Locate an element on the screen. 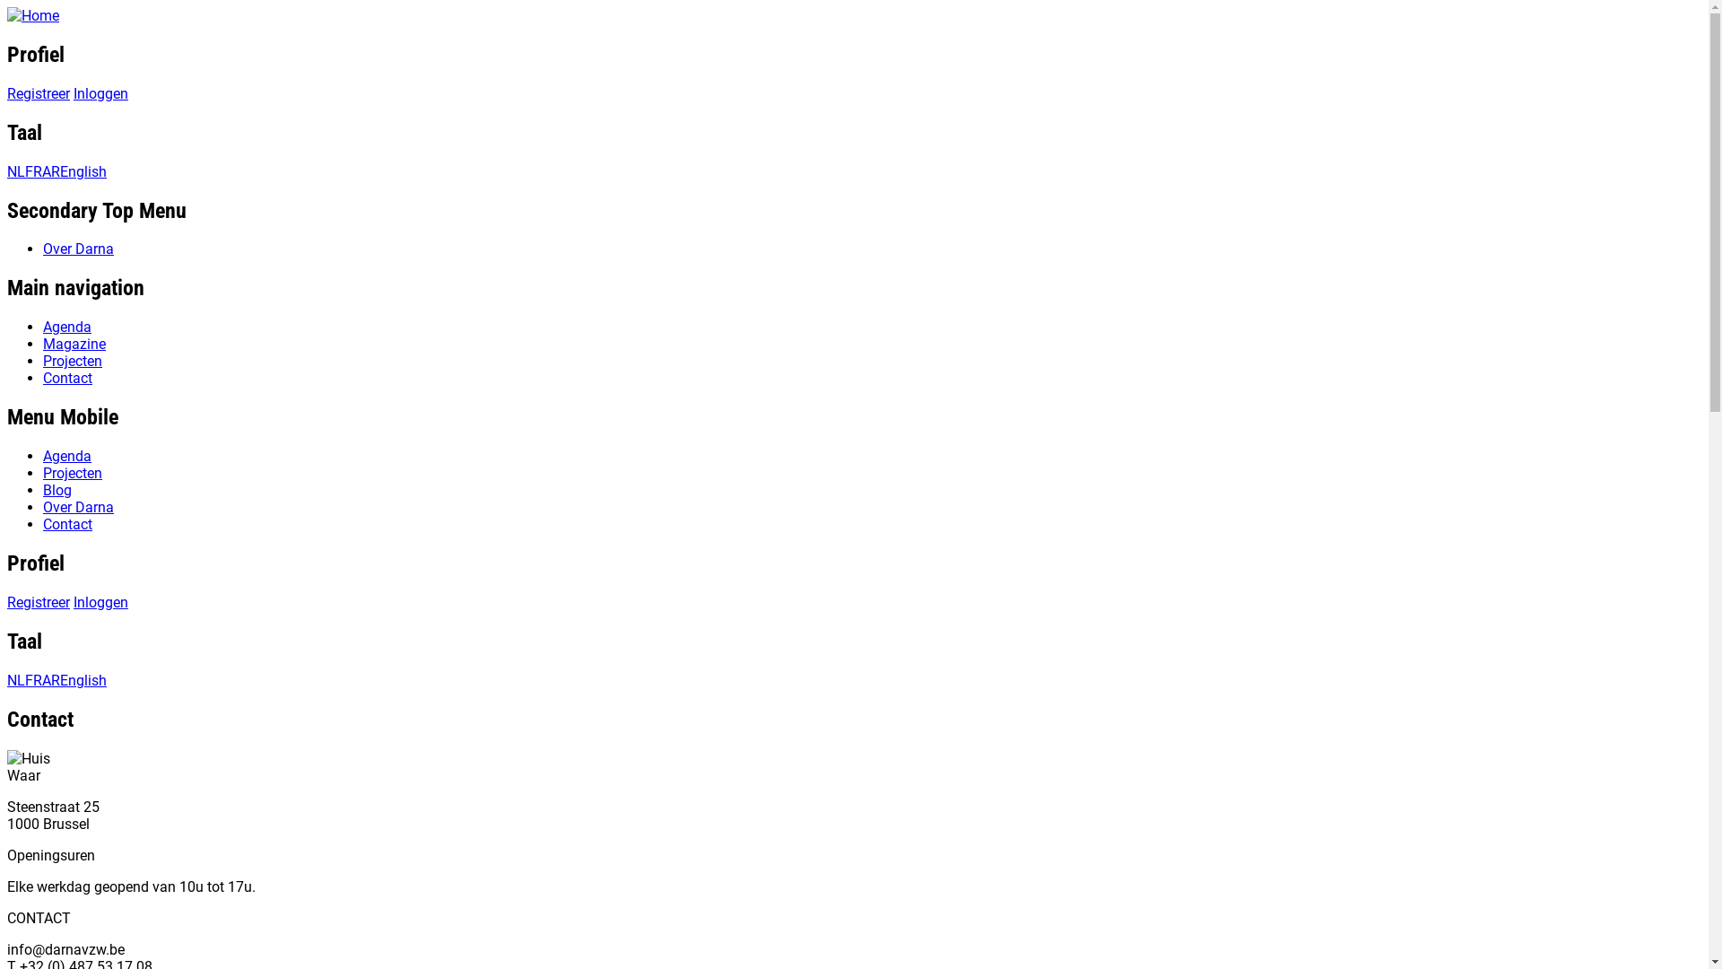 This screenshot has height=969, width=1722. 'Over Darna' is located at coordinates (77, 249).